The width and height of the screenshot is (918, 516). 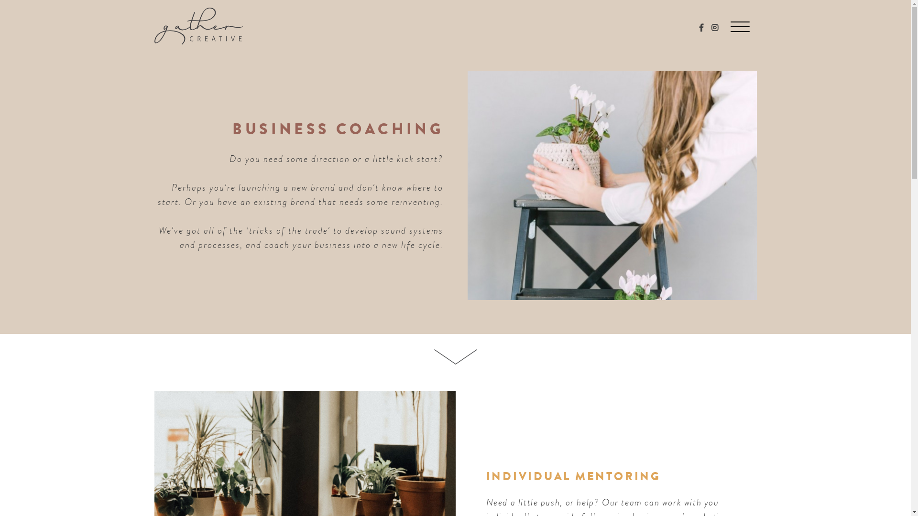 What do you see at coordinates (701, 27) in the screenshot?
I see `'Follow us on Facebook'` at bounding box center [701, 27].